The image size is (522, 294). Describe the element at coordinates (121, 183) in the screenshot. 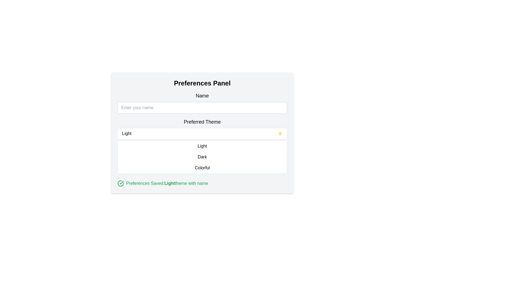

I see `the Checkmark icon within the SVG graphic that signifies confirmation of saved preferences, located near the bottom-left of the interface` at that location.